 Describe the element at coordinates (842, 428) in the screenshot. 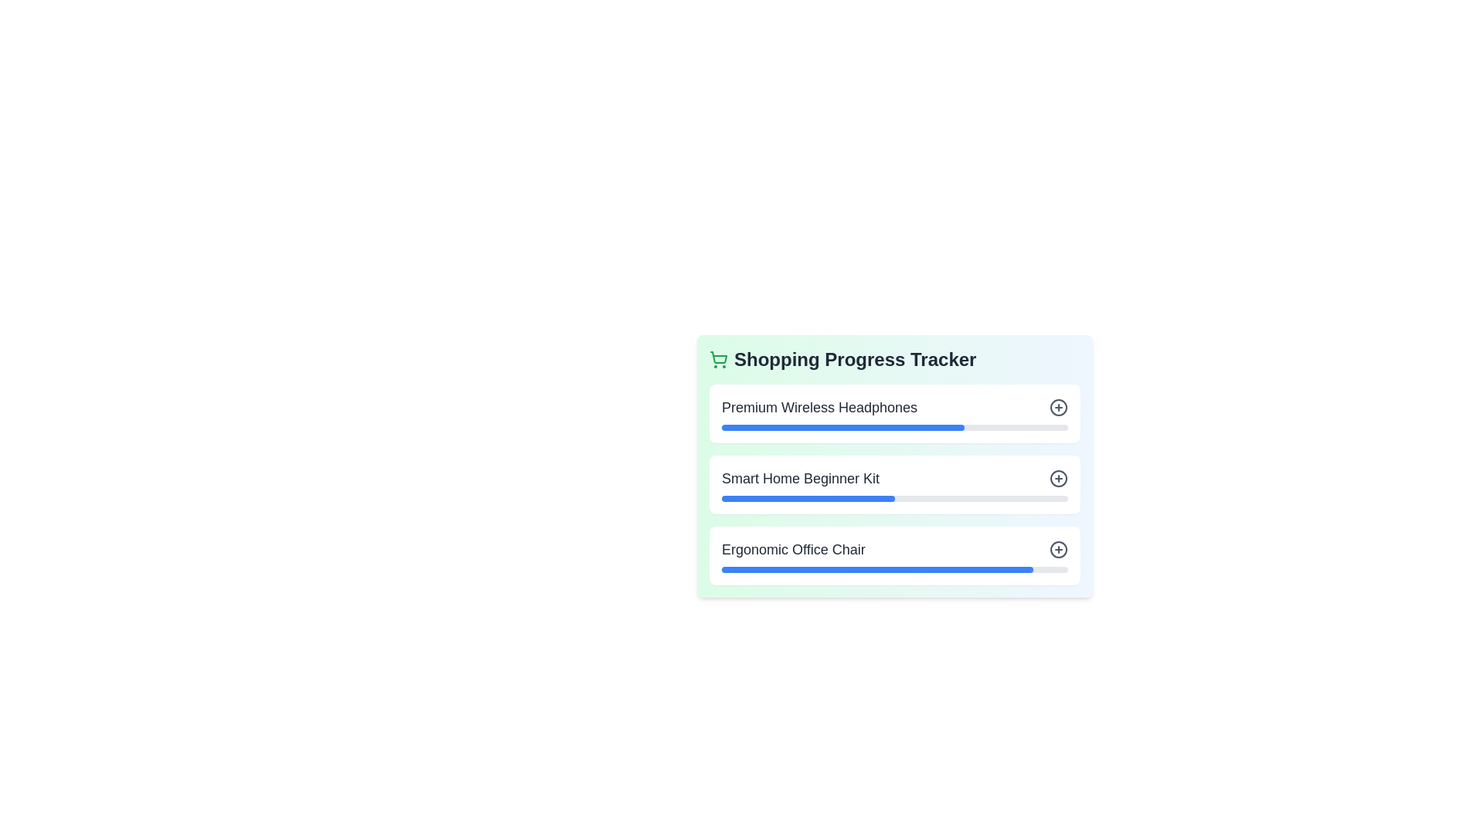

I see `the filled portion of the progress bar representing the completion percentage of the 'Premium Wireless Headphones' within the 'Shopping Progress Tracker' module` at that location.